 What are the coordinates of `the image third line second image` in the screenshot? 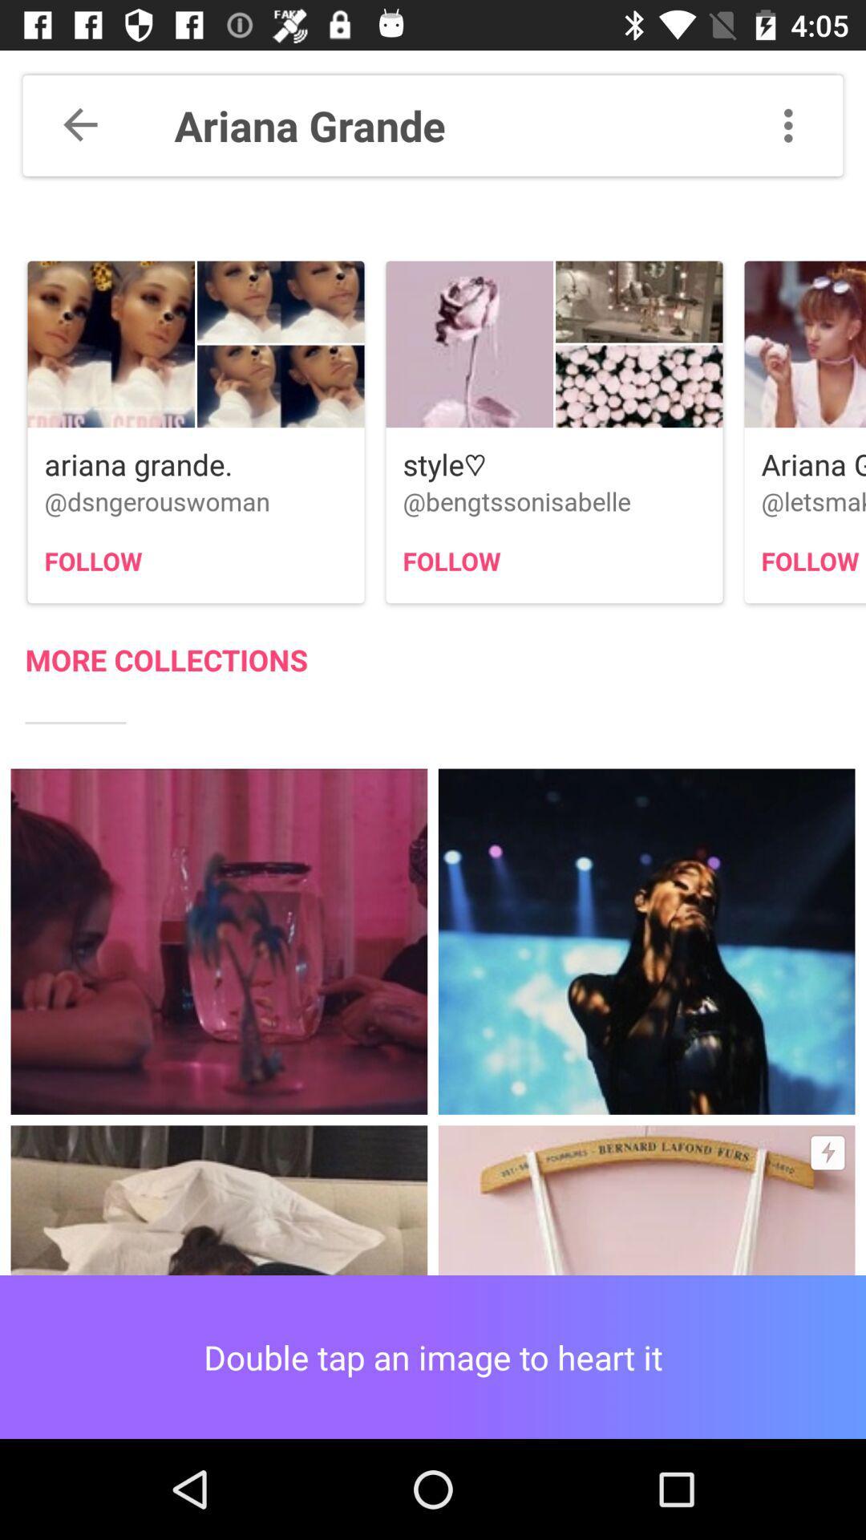 It's located at (645, 942).